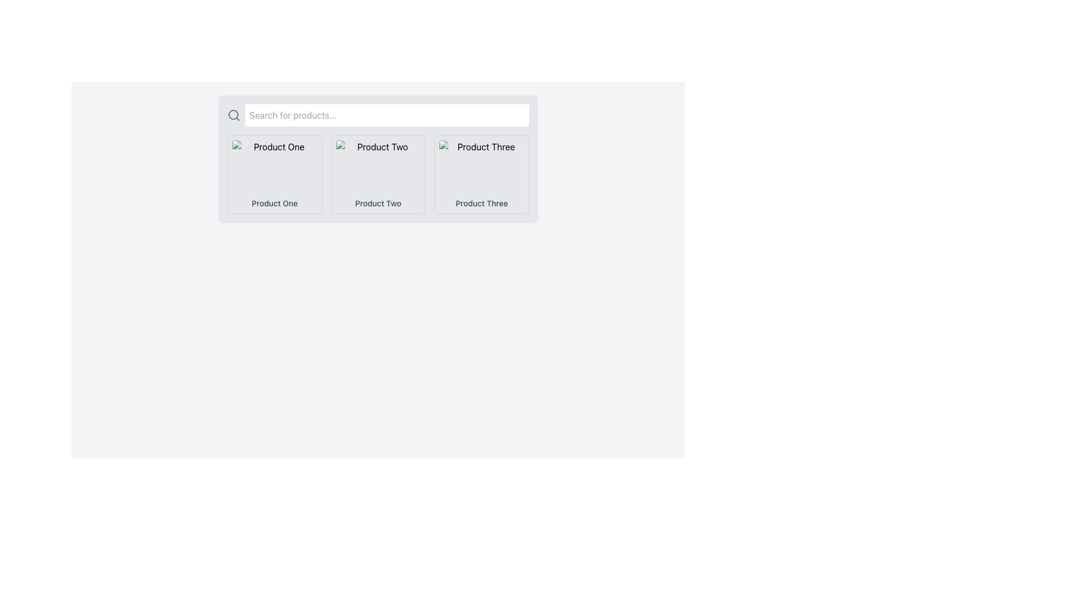 This screenshot has width=1065, height=599. I want to click on the search icon resembling a magnifying glass, which is located to the left of the text input box labeled 'Search for products...', so click(234, 115).